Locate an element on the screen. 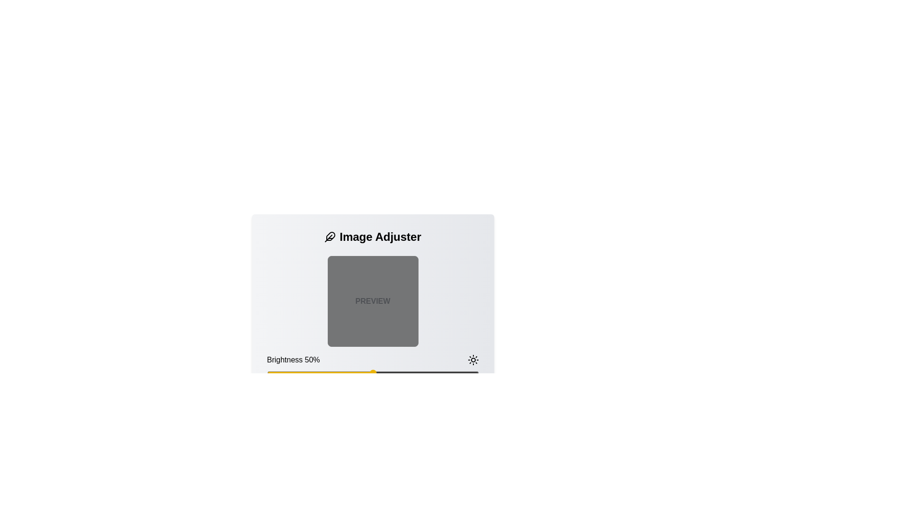 The height and width of the screenshot is (511, 908). the slider is located at coordinates (292, 373).